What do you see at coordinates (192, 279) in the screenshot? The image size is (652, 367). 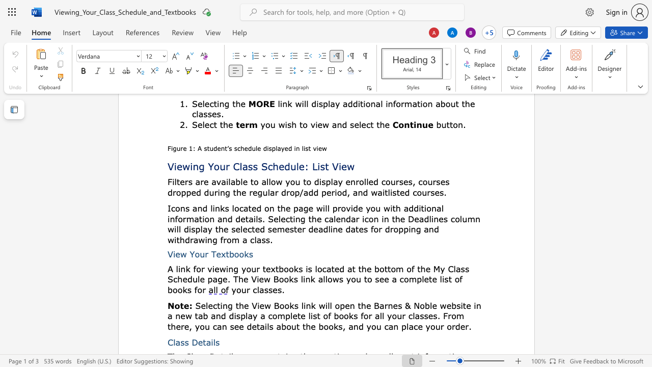 I see `the space between the continuous character "d" and "u" in the text` at bounding box center [192, 279].